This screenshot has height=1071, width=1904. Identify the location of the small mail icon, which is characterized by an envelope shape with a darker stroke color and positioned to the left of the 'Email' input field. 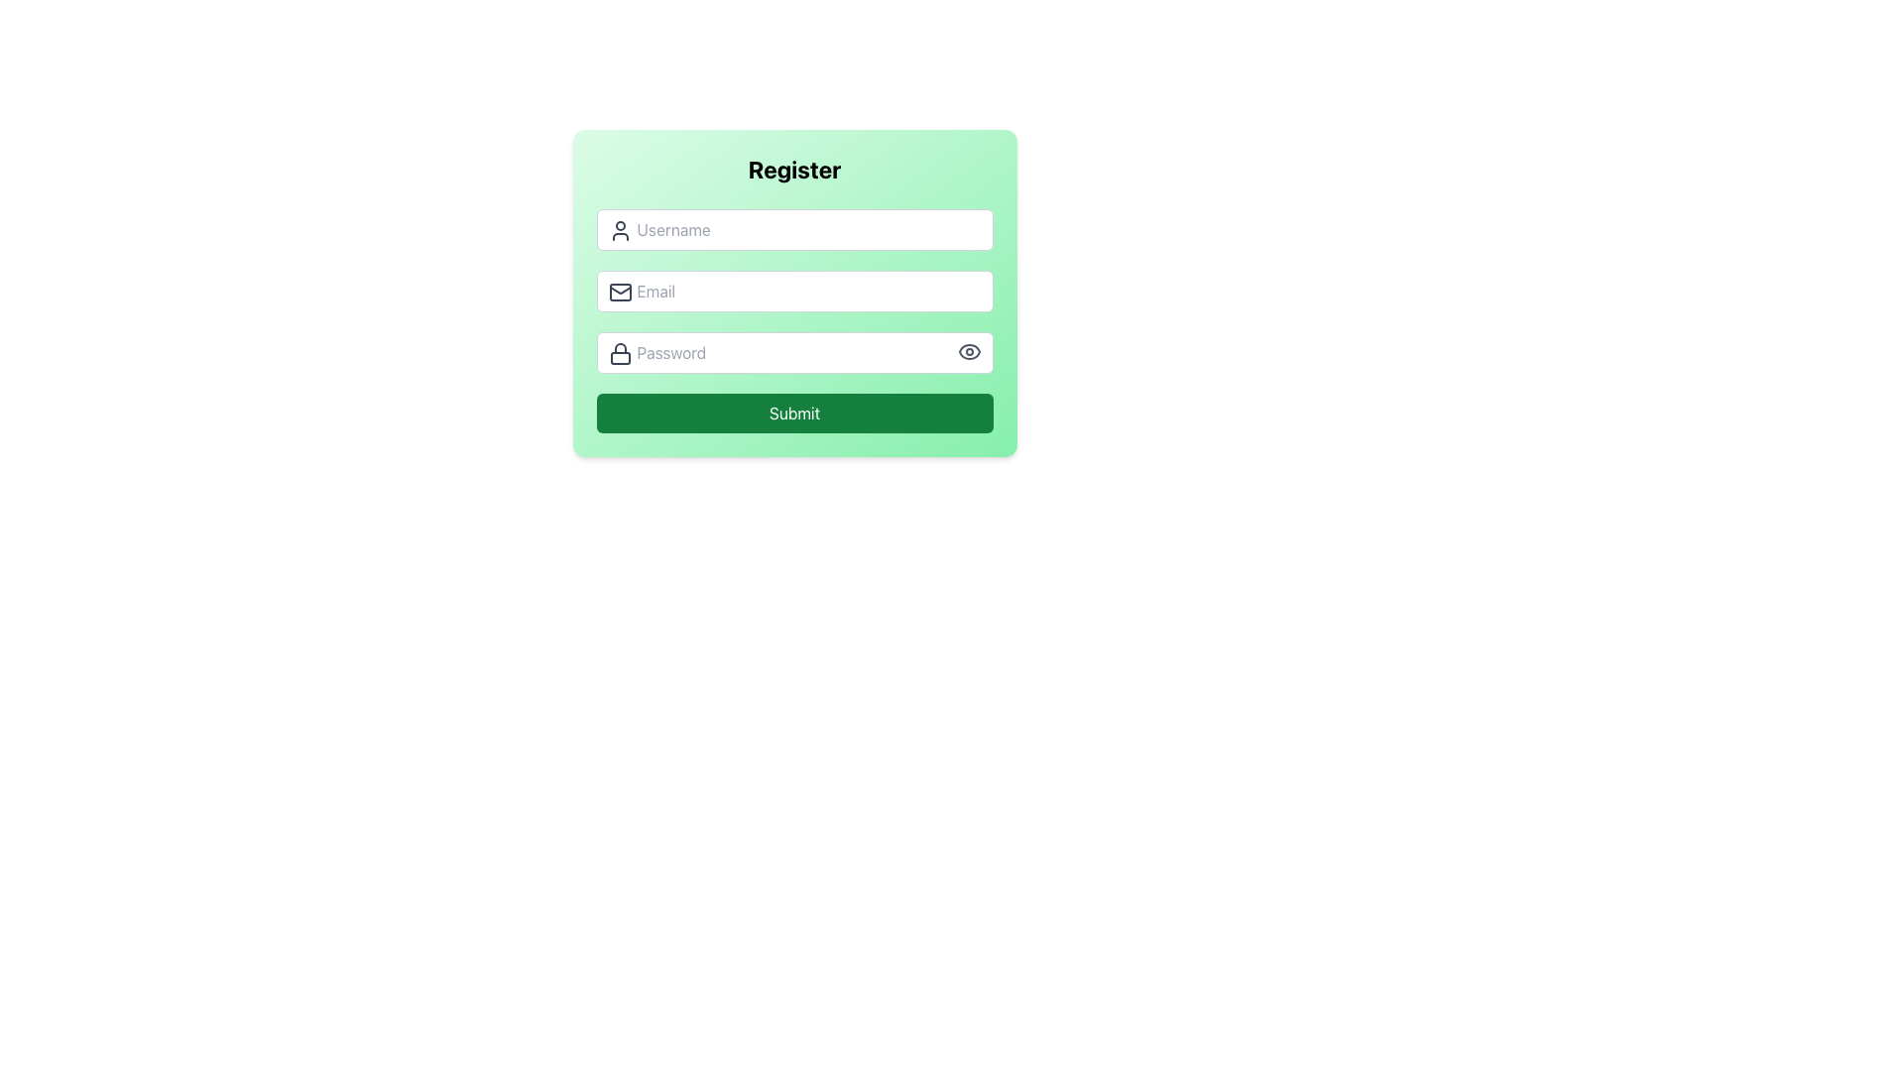
(619, 292).